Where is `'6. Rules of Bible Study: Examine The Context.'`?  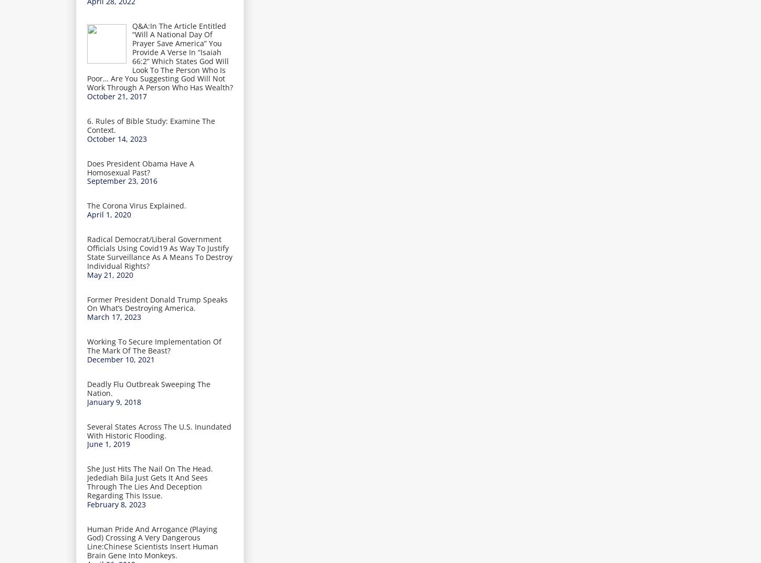 '6. Rules of Bible Study: Examine The Context.' is located at coordinates (151, 125).